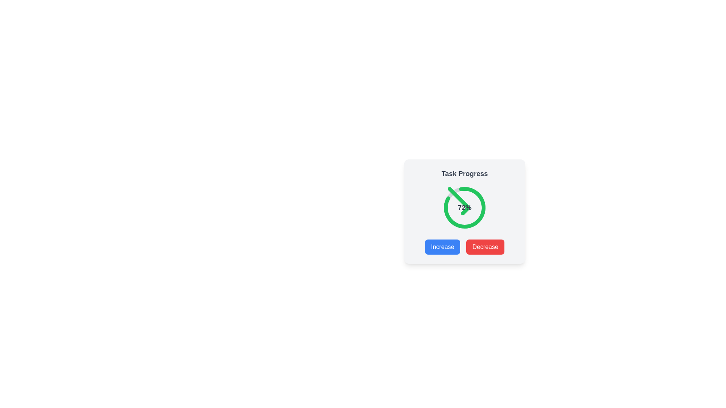 The image size is (726, 408). I want to click on the second button to the right of the 'Increase' button, so click(485, 247).